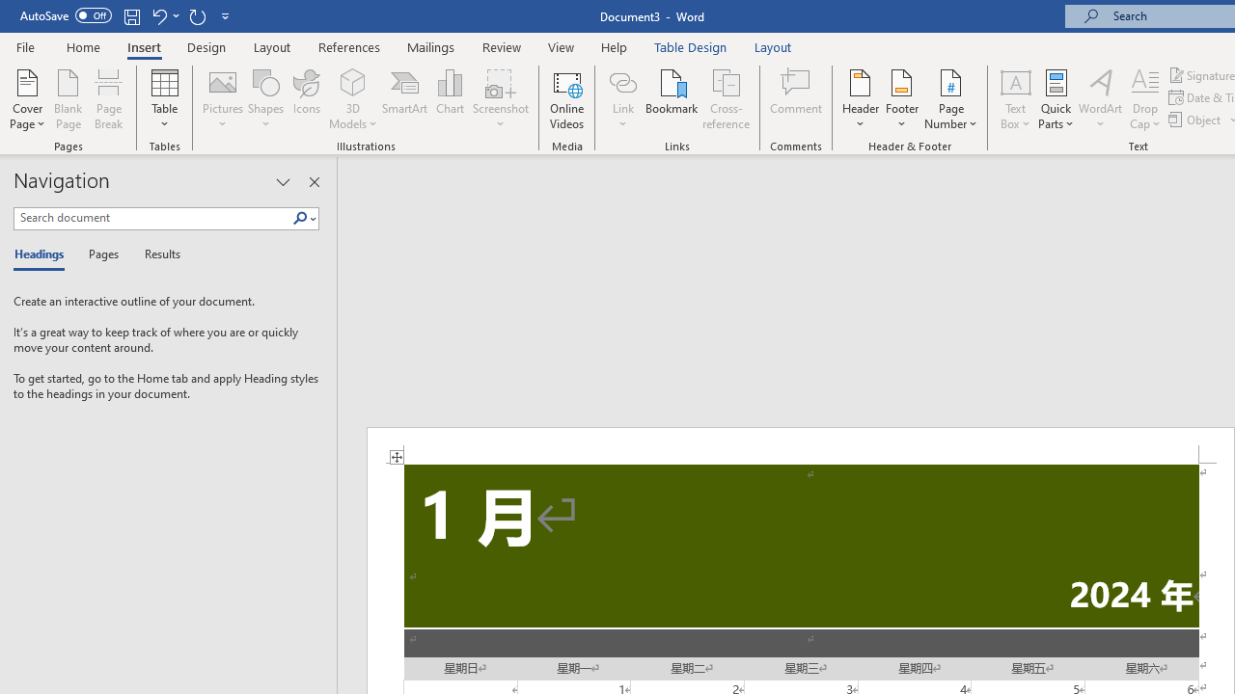 This screenshot has width=1235, height=694. I want to click on 'Quick Access Toolbar', so click(125, 15).